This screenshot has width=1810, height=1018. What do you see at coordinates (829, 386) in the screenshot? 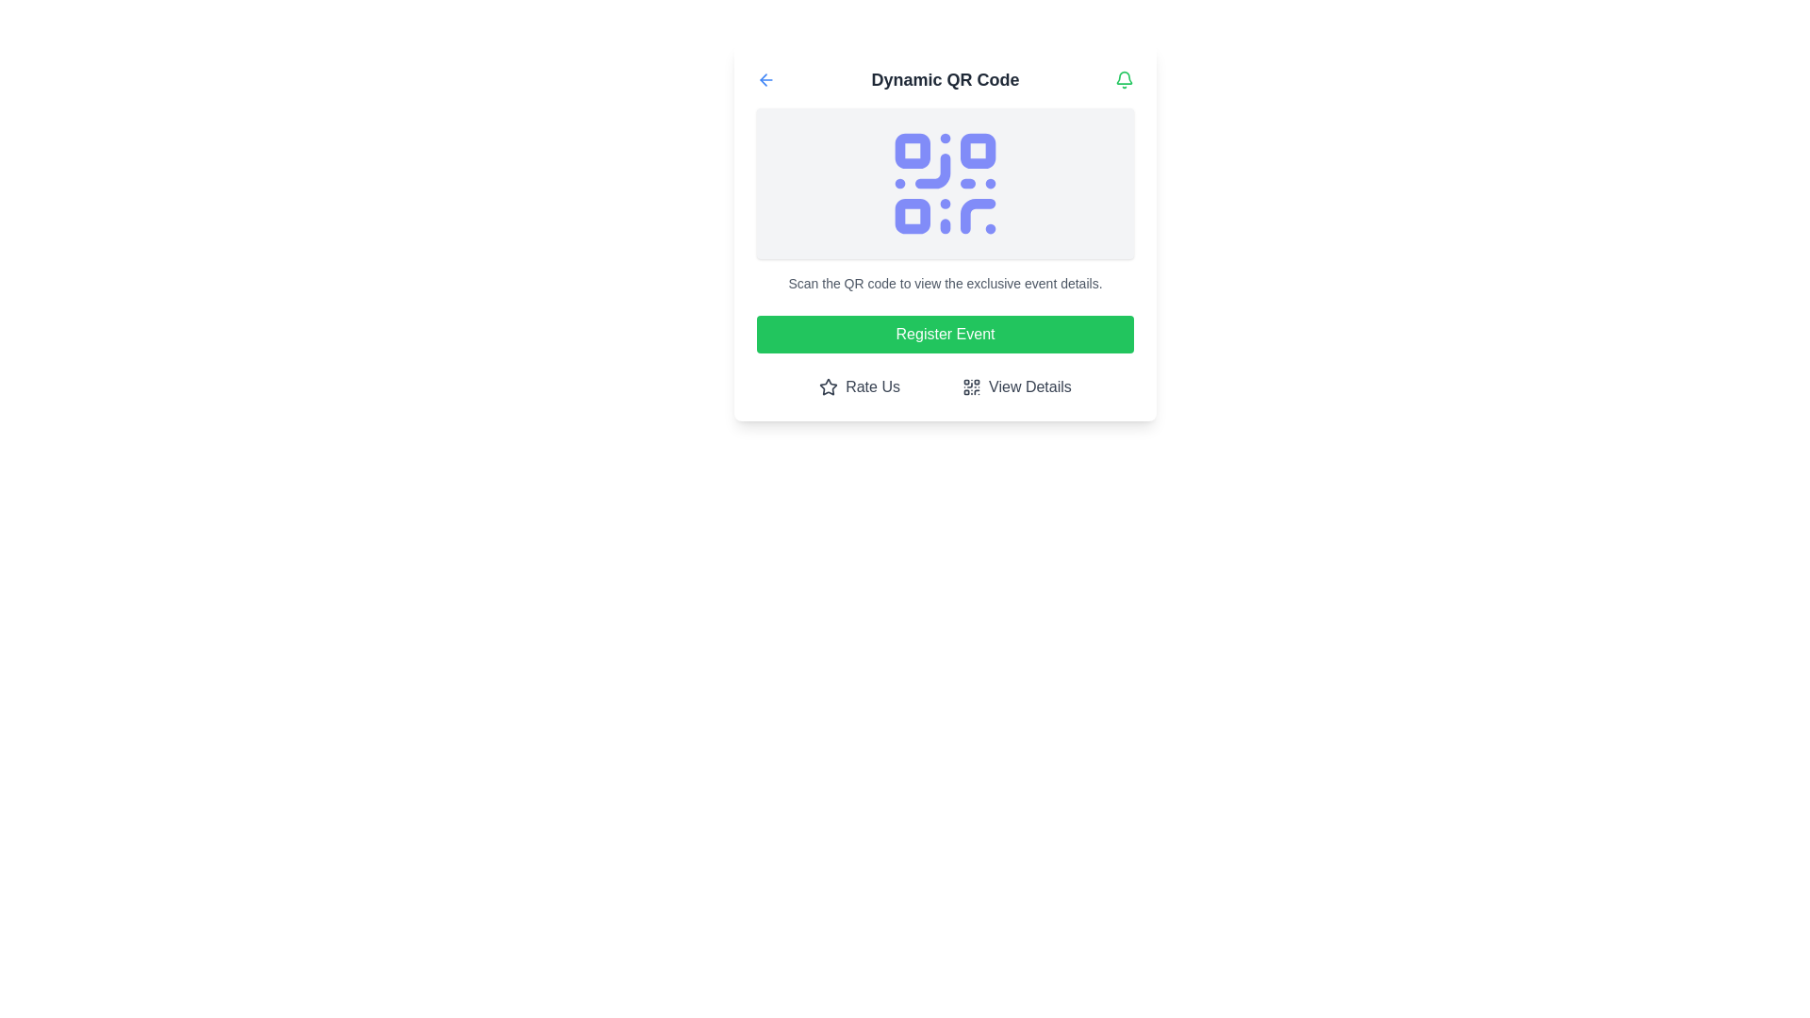
I see `the decorative graphic icon representing the rating functionality, which is the leftmost component of the 'Rate Us' button group located at the bottom-left of the central panel` at bounding box center [829, 386].